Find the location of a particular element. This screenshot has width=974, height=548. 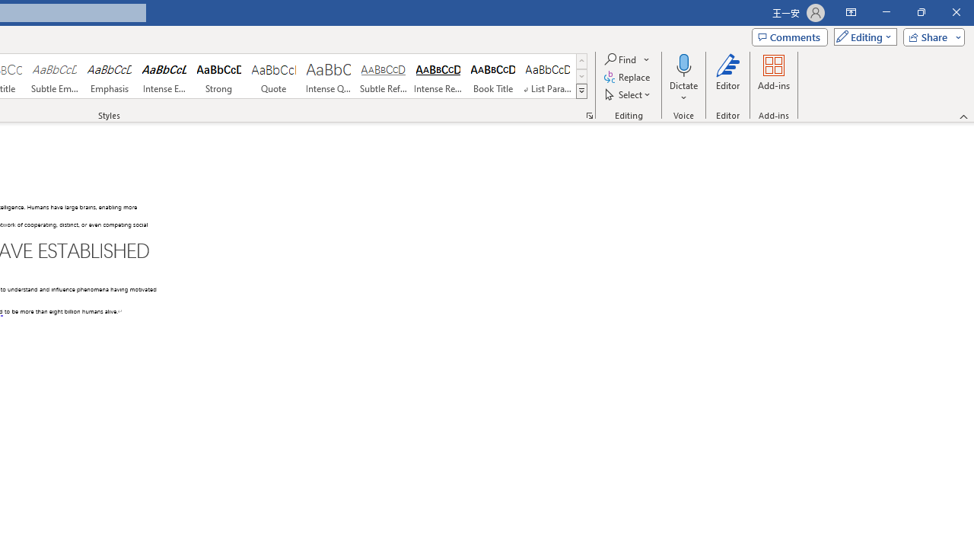

'Row up' is located at coordinates (581, 60).